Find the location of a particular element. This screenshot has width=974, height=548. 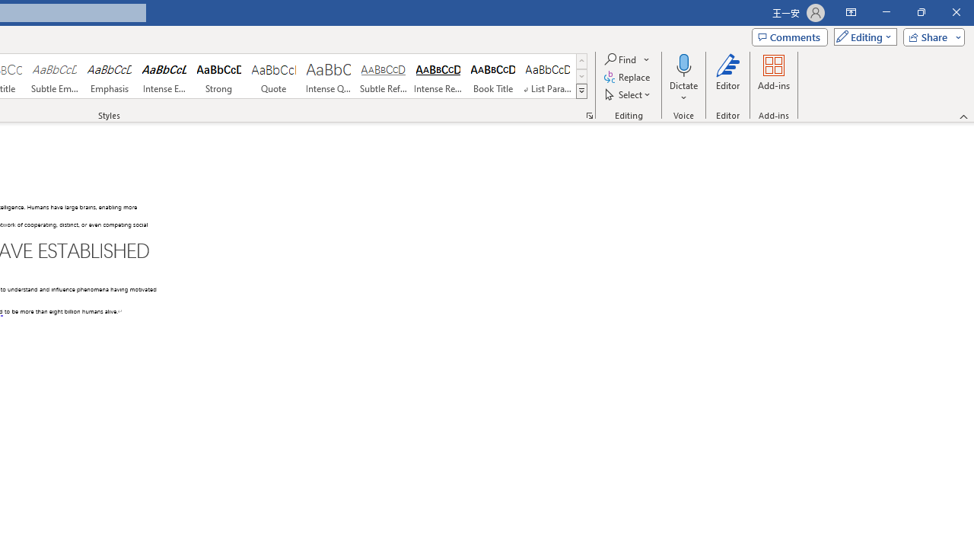

'Row up' is located at coordinates (581, 60).